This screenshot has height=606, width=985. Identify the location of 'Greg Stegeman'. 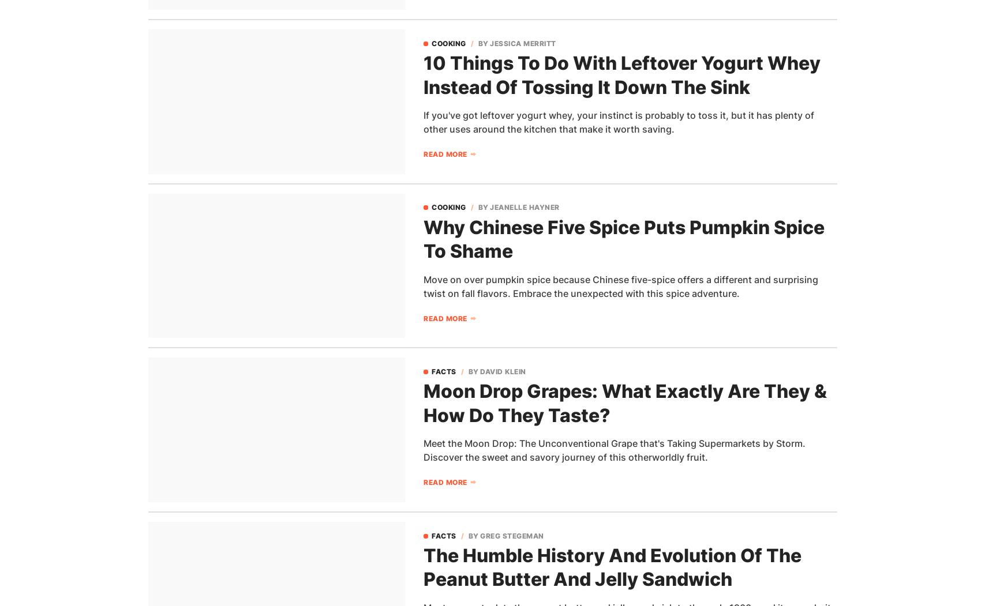
(511, 535).